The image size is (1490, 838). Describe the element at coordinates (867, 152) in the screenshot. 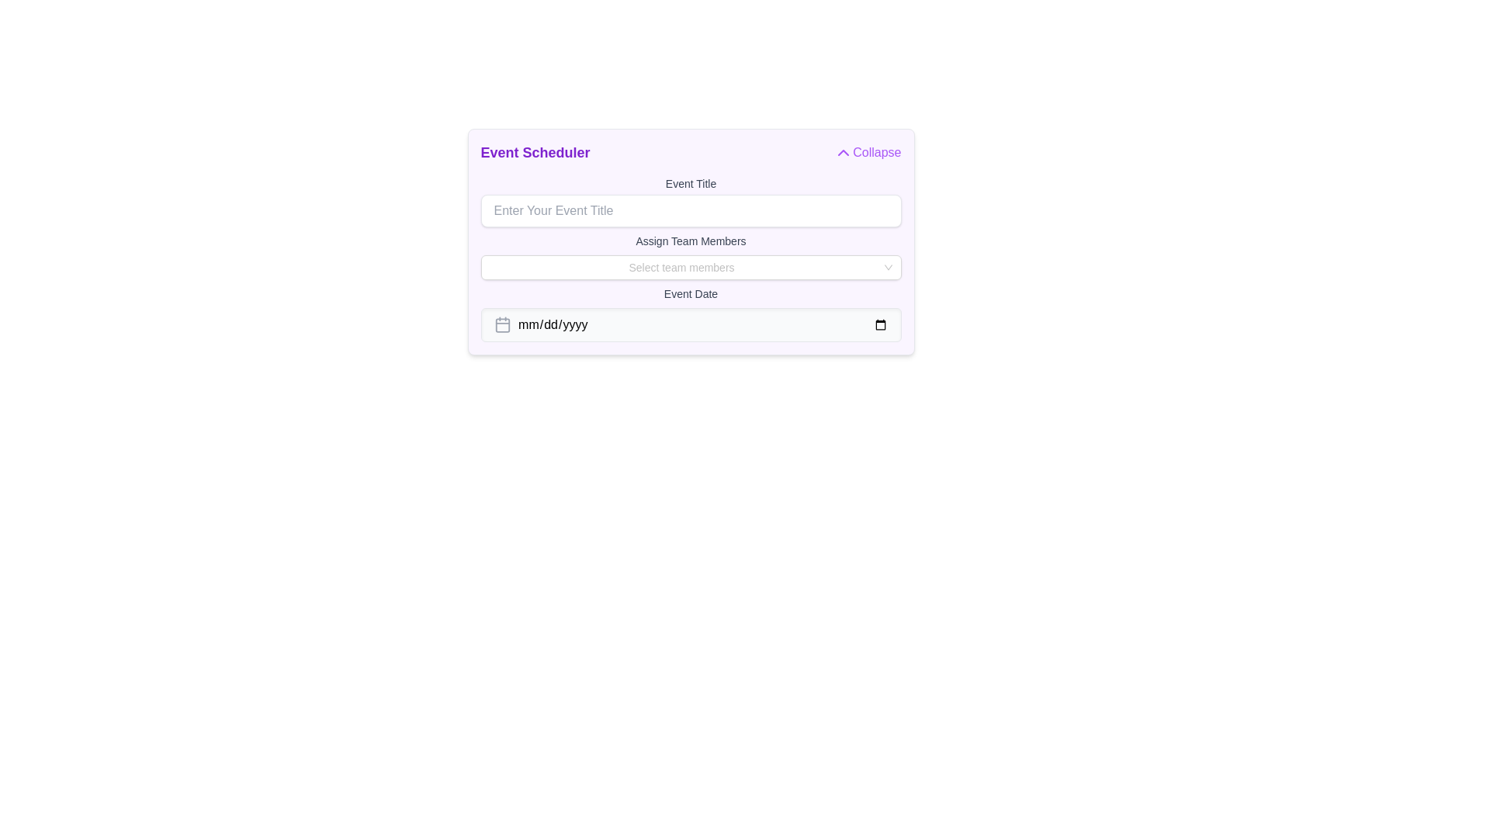

I see `the 'Collapse' button with a purple text and an upward-pointing chevron icon located in the top-right corner of the 'Event Scheduler' section` at that location.